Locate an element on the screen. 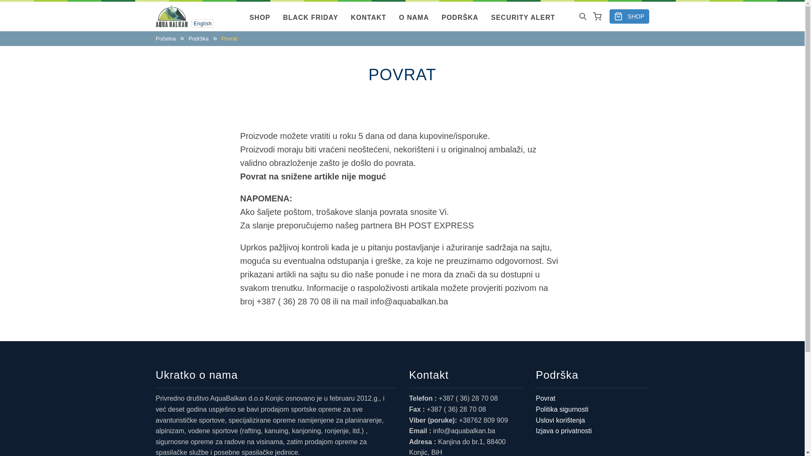 The image size is (811, 456). 'O NAMA' is located at coordinates (414, 18).